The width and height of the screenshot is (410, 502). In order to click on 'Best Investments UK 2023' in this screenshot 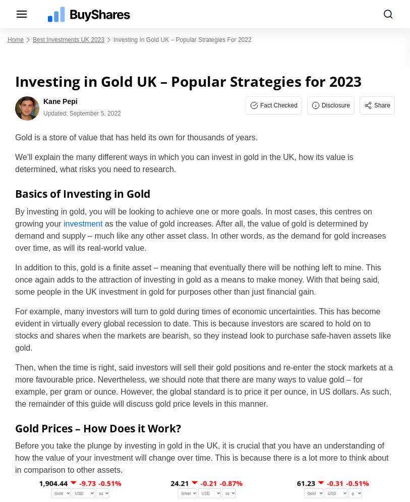, I will do `click(68, 40)`.